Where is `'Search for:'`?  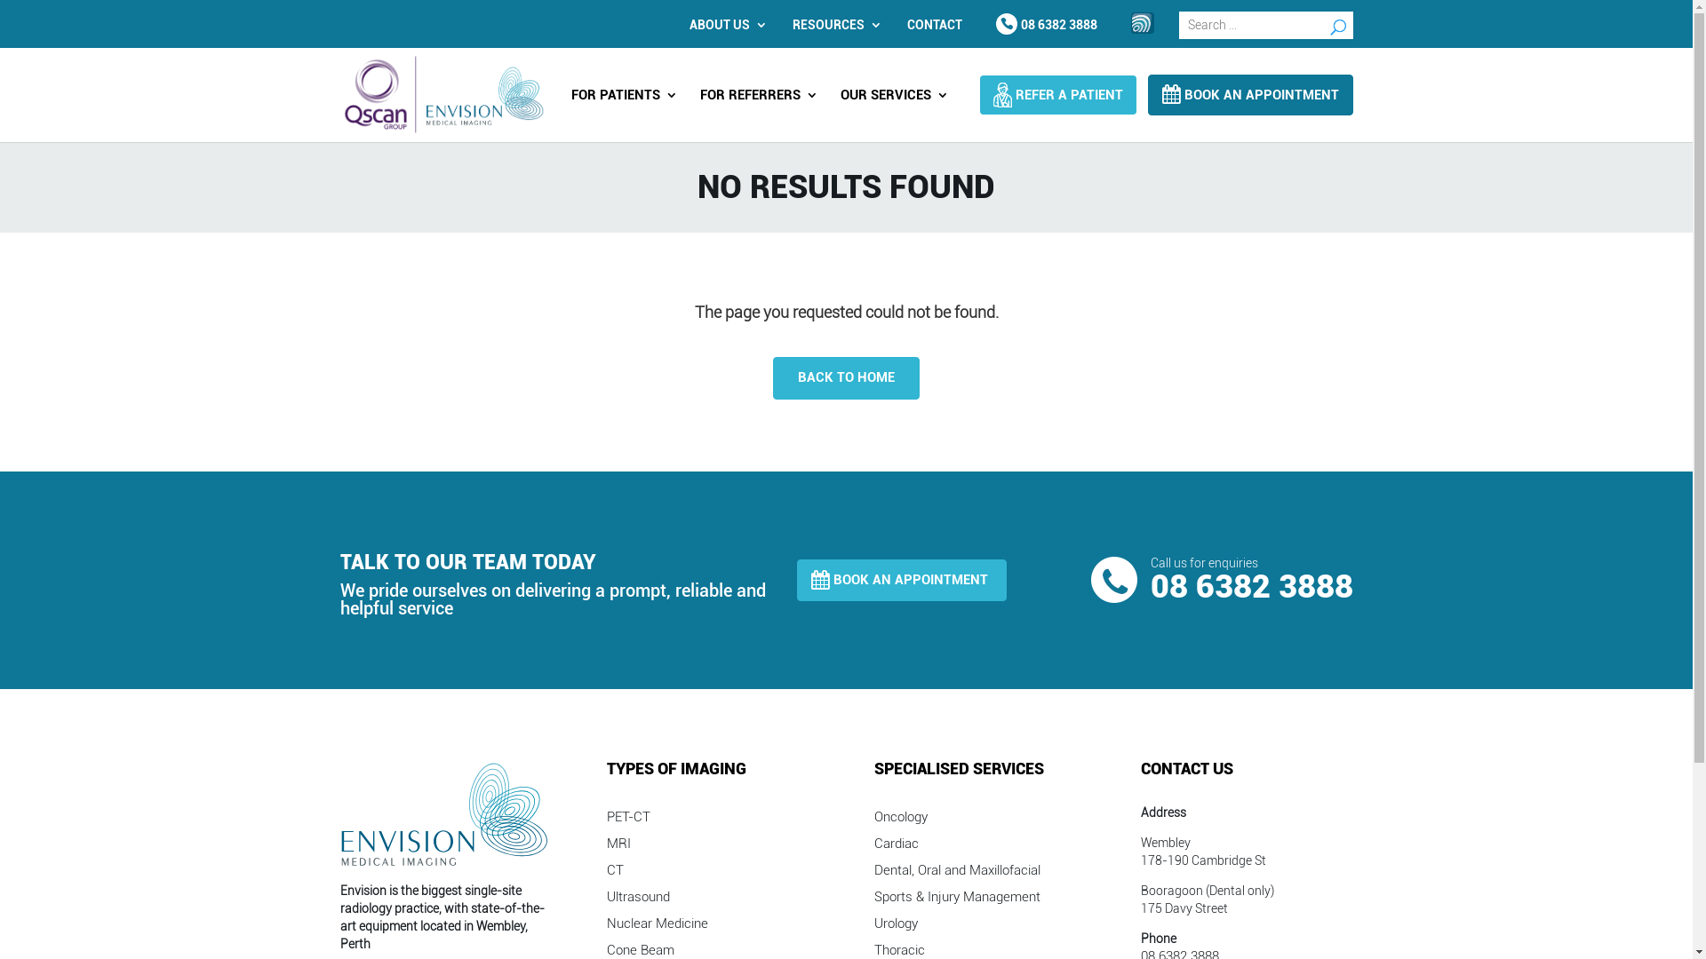 'Search for:' is located at coordinates (1264, 25).